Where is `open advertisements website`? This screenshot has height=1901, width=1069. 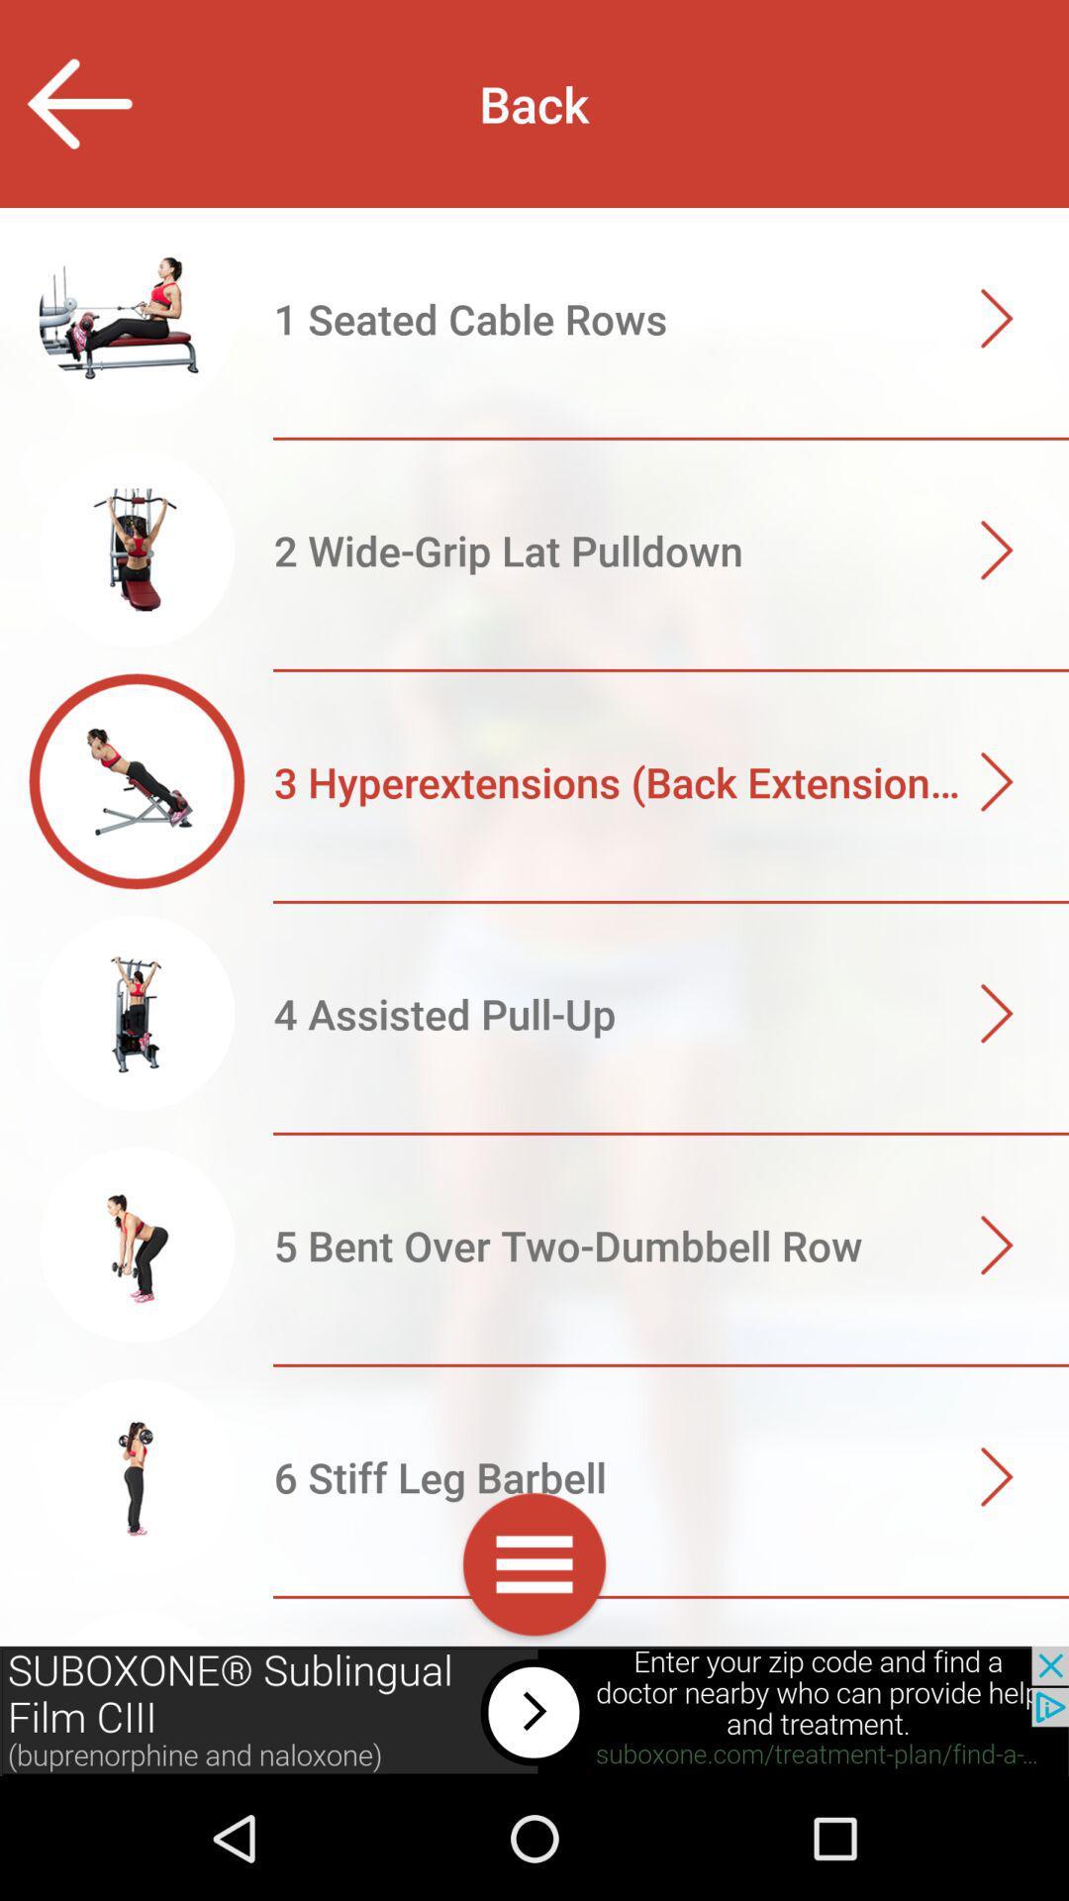
open advertisements website is located at coordinates (534, 1710).